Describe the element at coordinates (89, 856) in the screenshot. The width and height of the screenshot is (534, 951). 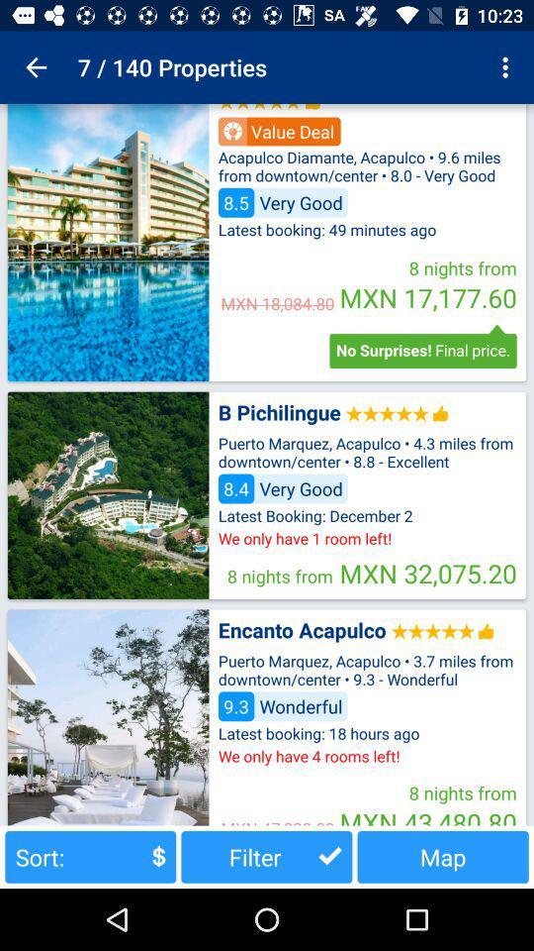
I see `icon next to filter item` at that location.